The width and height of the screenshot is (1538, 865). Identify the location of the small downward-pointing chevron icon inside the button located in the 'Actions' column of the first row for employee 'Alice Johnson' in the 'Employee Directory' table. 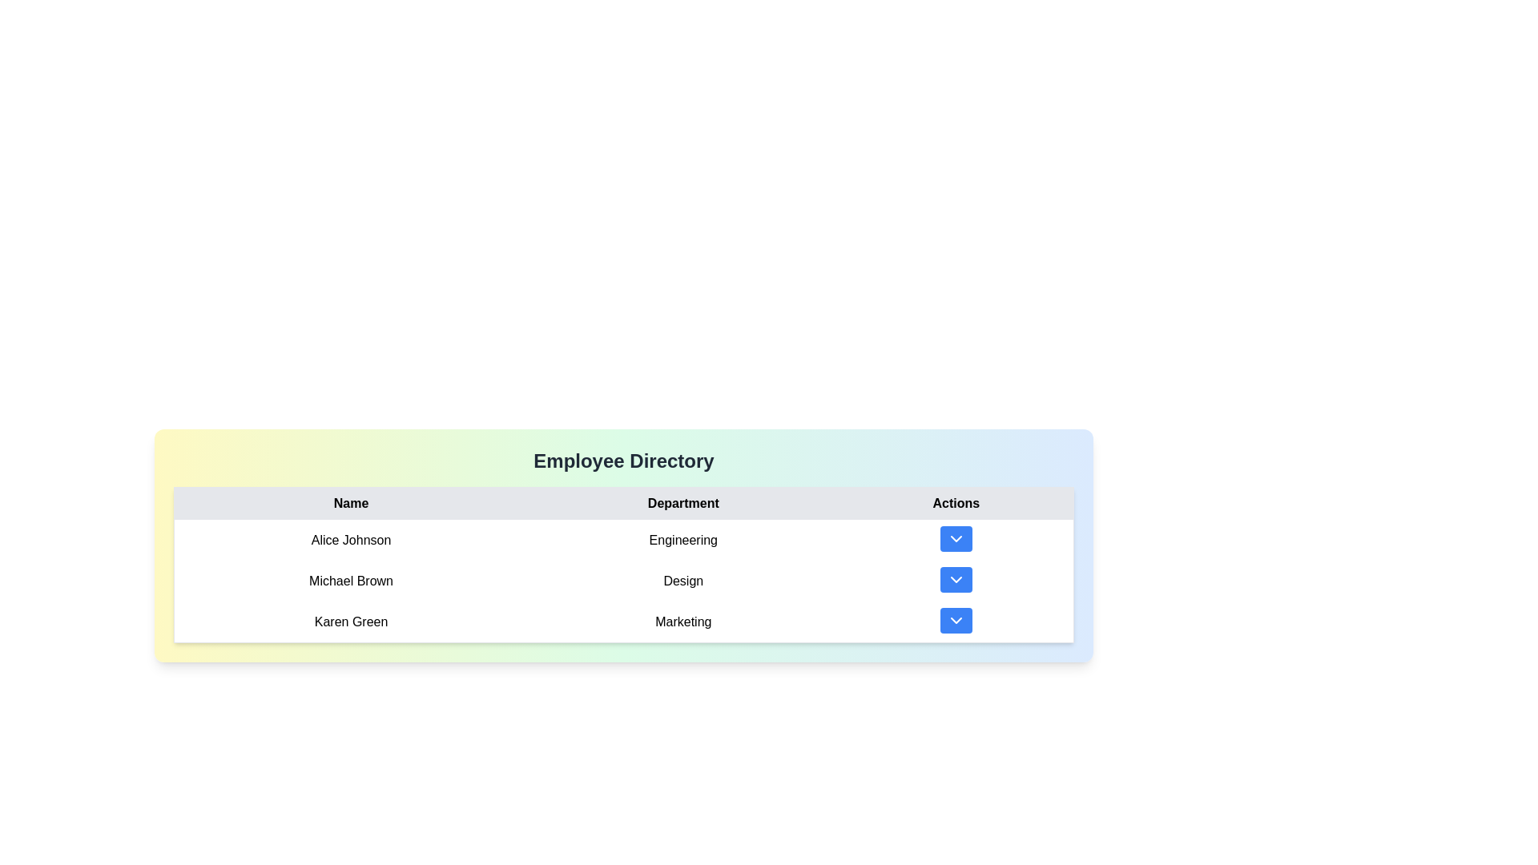
(956, 538).